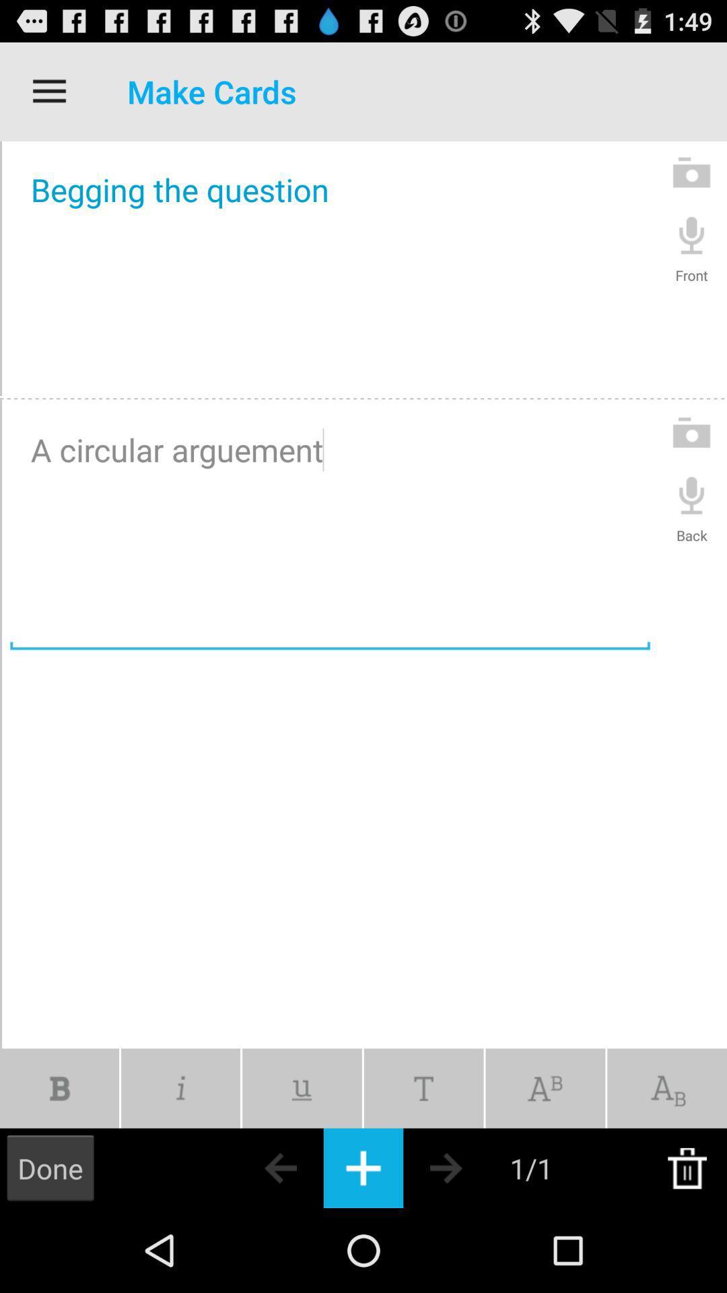 Image resolution: width=727 pixels, height=1293 pixels. What do you see at coordinates (469, 1167) in the screenshot?
I see `next card` at bounding box center [469, 1167].